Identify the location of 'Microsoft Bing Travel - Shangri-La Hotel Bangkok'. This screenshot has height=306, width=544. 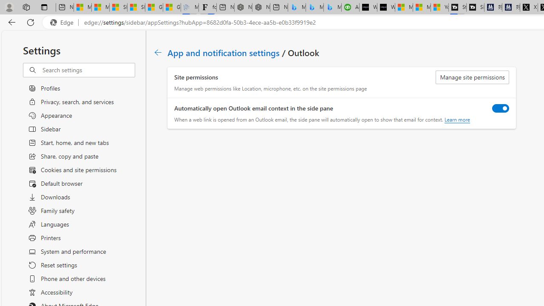
(332, 7).